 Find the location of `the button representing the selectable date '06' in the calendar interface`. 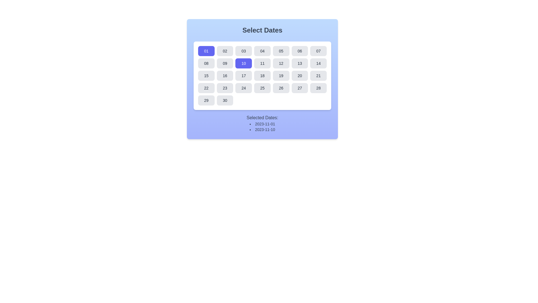

the button representing the selectable date '06' in the calendar interface is located at coordinates (300, 51).